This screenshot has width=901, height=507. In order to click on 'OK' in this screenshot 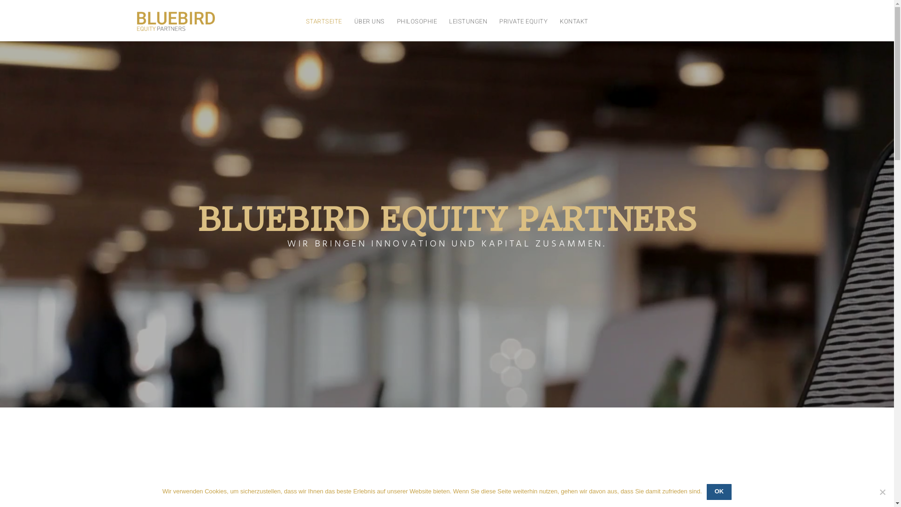, I will do `click(718, 492)`.